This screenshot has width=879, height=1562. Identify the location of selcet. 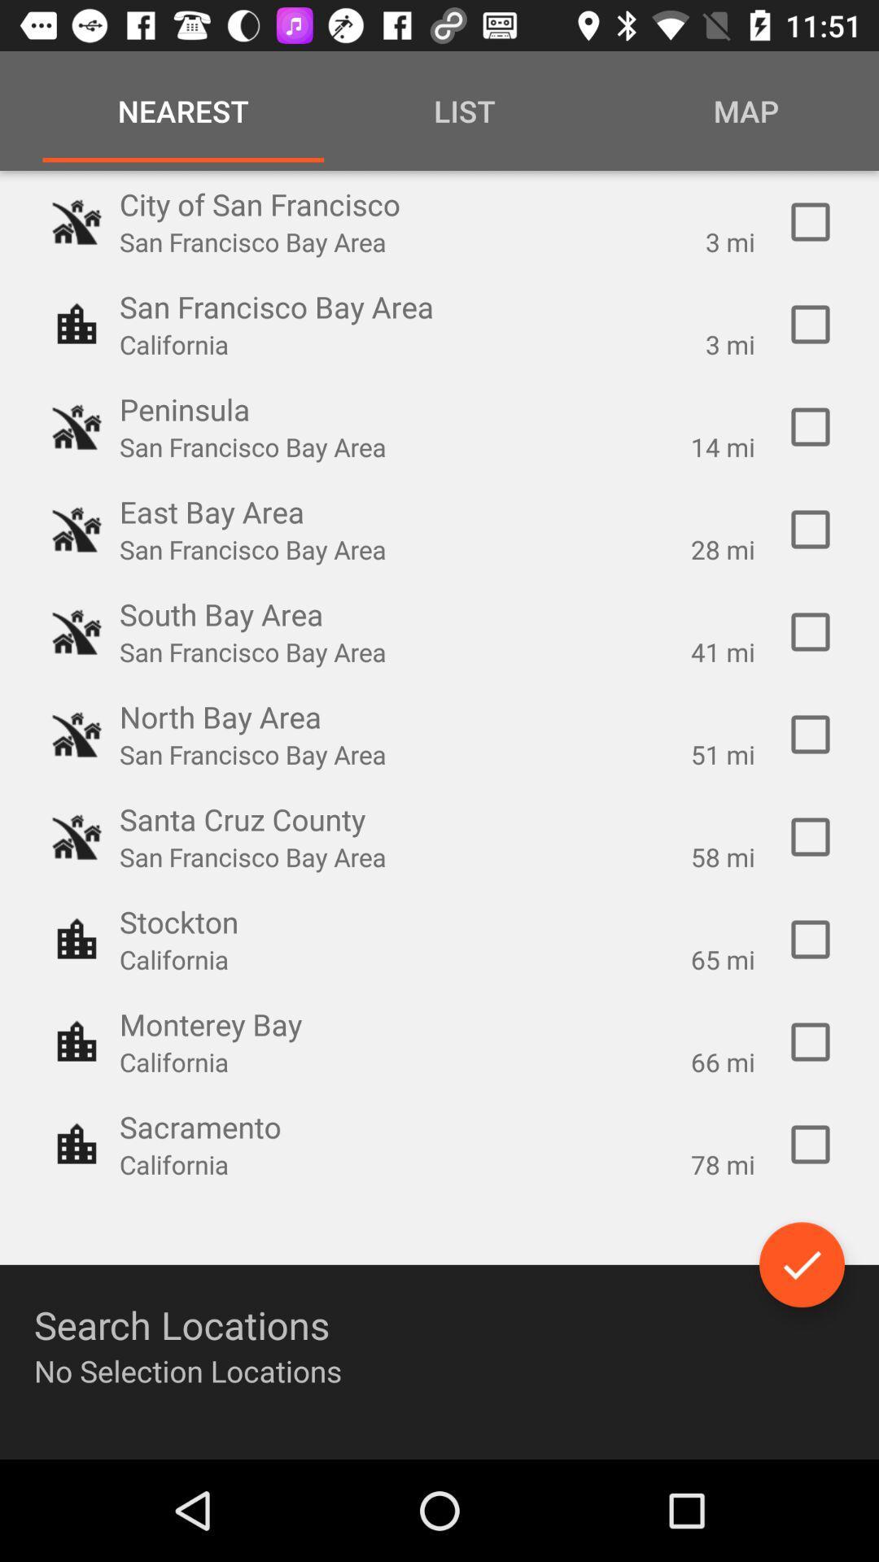
(810, 426).